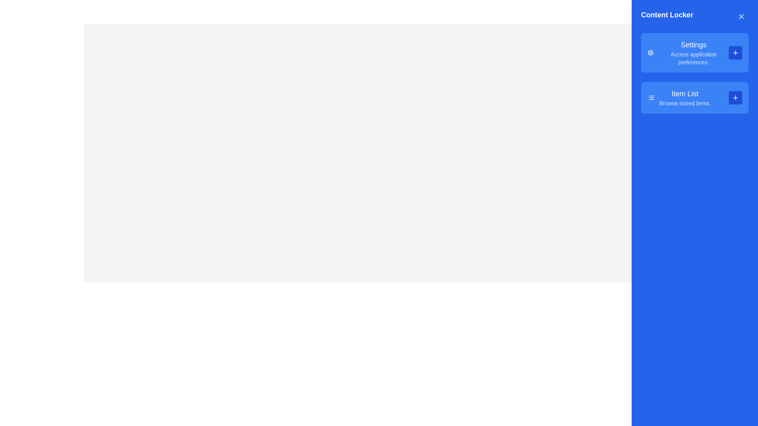 The width and height of the screenshot is (758, 426). Describe the element at coordinates (693, 53) in the screenshot. I see `the settings button located in the upper section of the right-side navigation panel, which is the first item in the list and contains a cogwheel icon` at that location.